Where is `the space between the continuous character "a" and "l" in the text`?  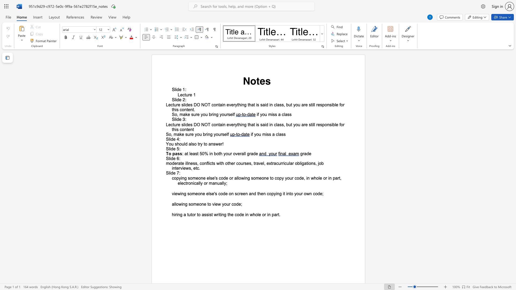 the space between the continuous character "a" and "l" in the text is located at coordinates (174, 204).